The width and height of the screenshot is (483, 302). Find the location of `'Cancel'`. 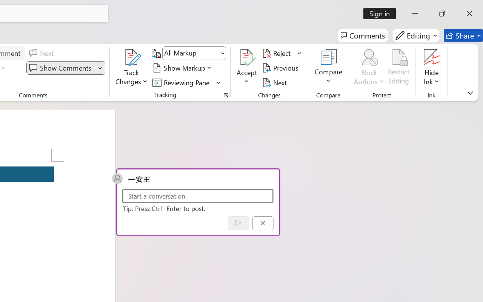

'Cancel' is located at coordinates (263, 223).